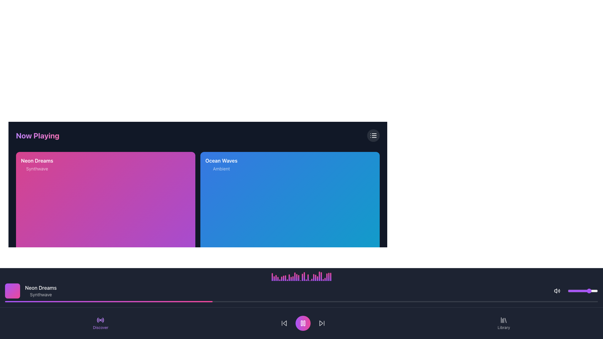  I want to click on the interactive favorite button with an icon located at the top-right of the 'Neon Dreams' card, so click(184, 164).